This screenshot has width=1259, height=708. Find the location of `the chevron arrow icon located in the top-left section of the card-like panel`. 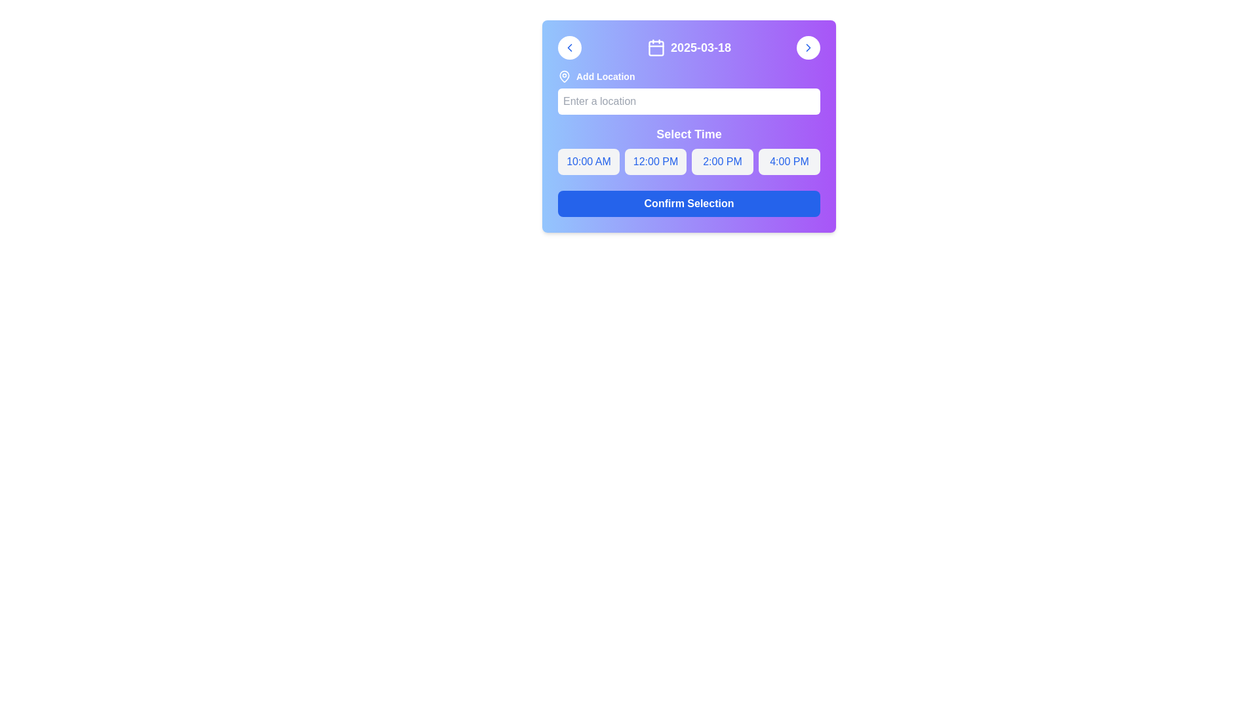

the chevron arrow icon located in the top-left section of the card-like panel is located at coordinates (569, 47).